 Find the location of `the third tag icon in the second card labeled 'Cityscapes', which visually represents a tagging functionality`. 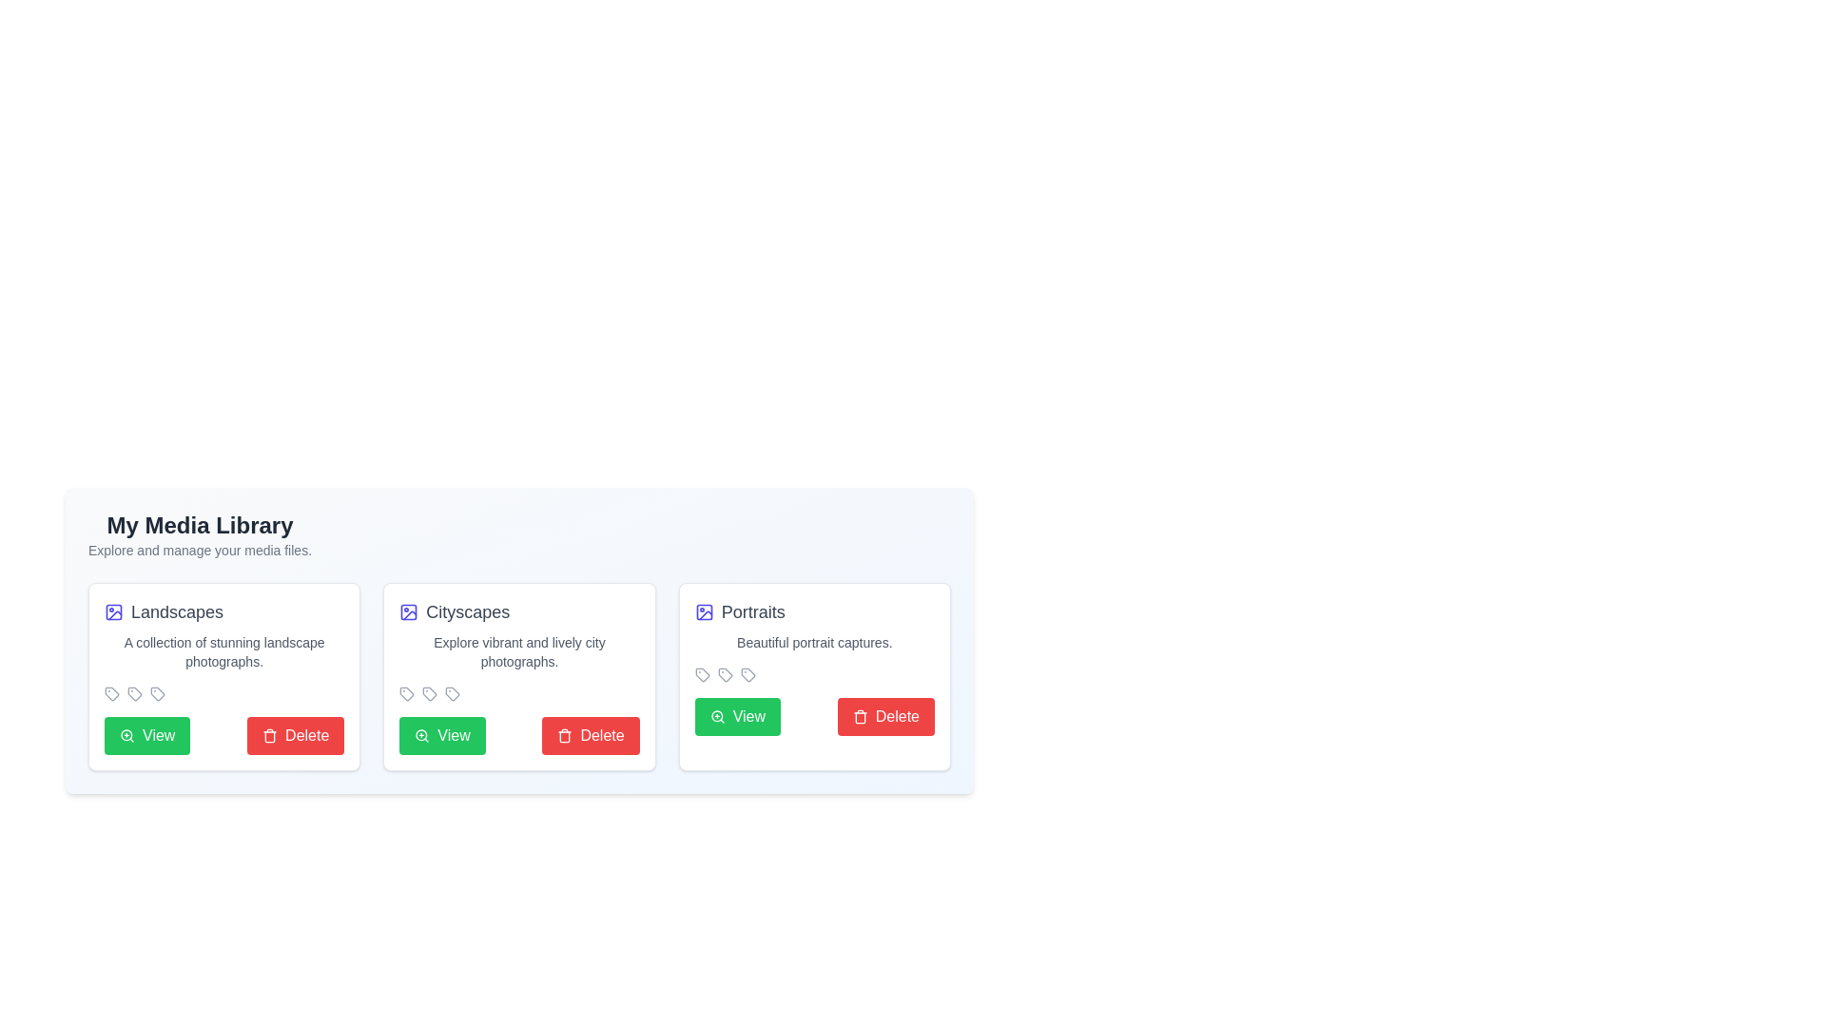

the third tag icon in the second card labeled 'Cityscapes', which visually represents a tagging functionality is located at coordinates (747, 673).